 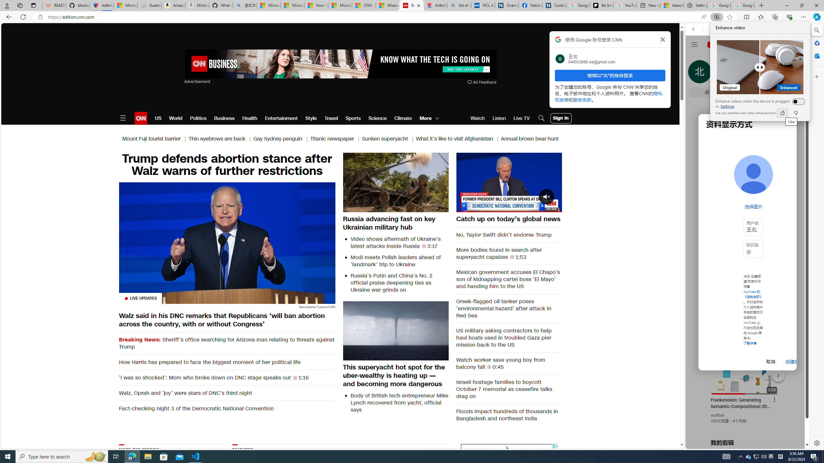 What do you see at coordinates (696, 74) in the screenshot?
I see `'WEB  '` at bounding box center [696, 74].